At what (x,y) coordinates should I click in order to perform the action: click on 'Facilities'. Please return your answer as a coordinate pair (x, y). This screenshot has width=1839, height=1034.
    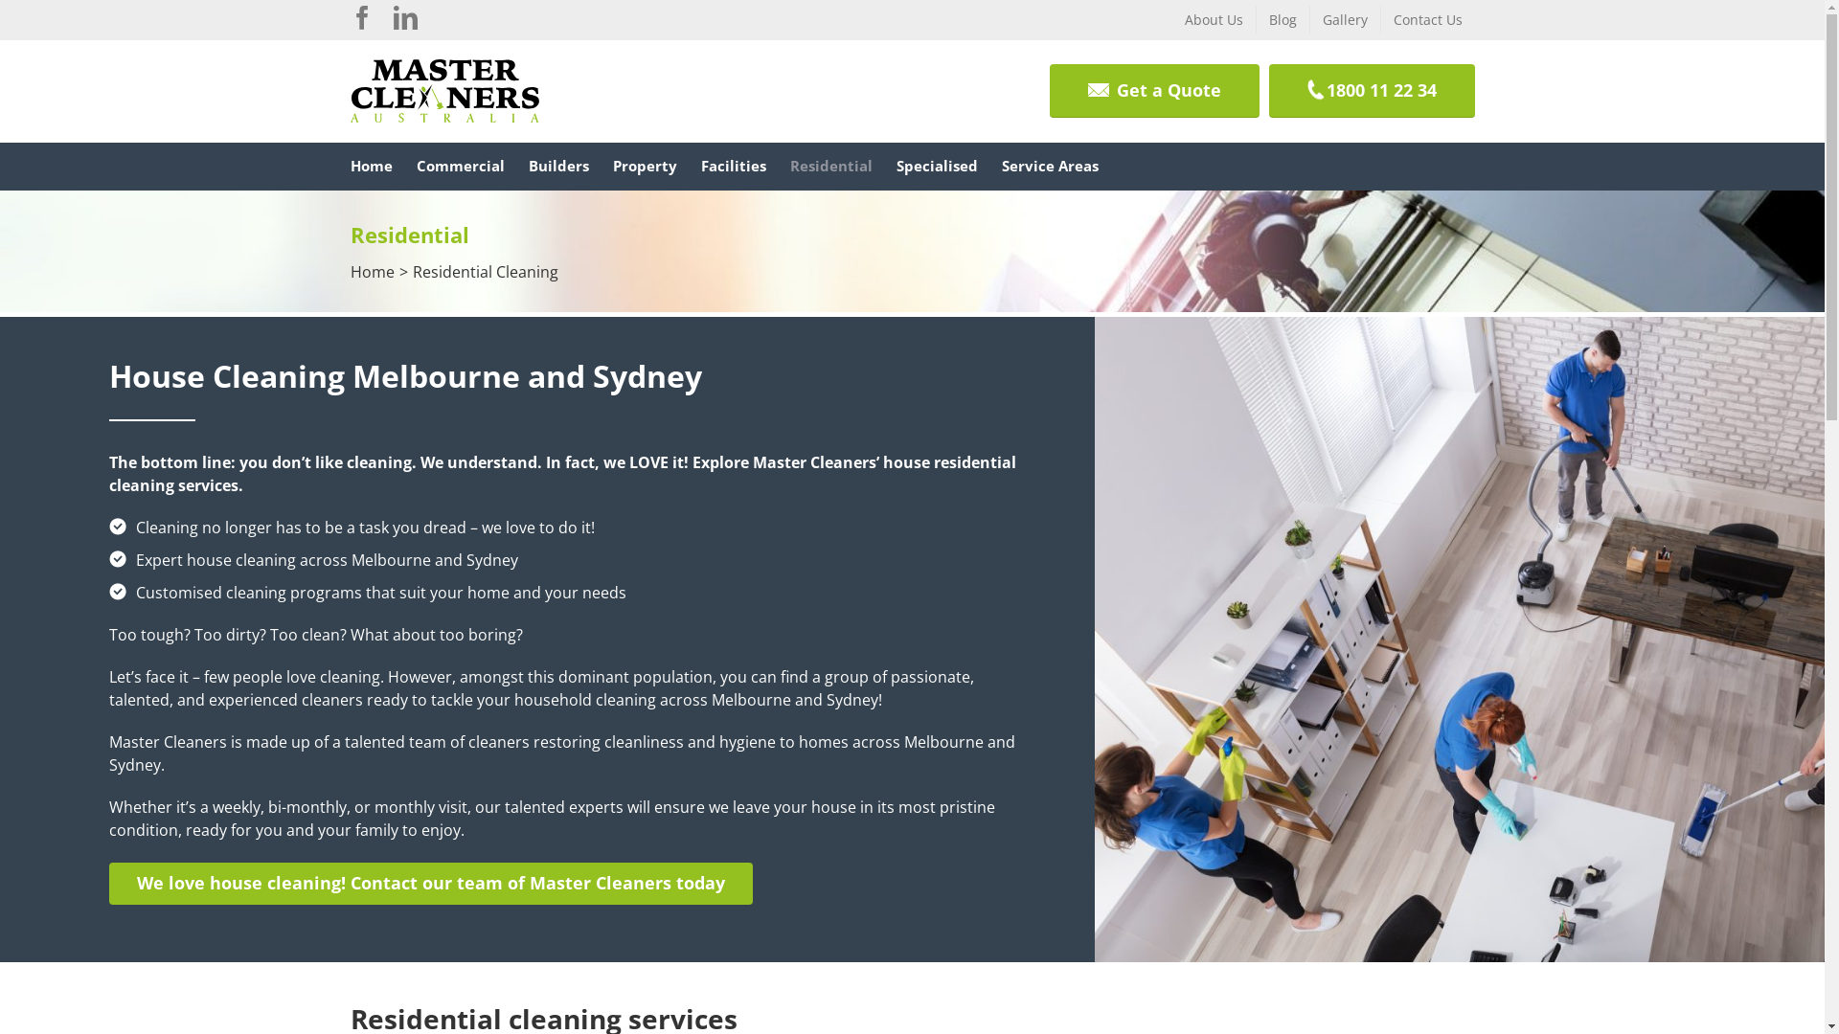
    Looking at the image, I should click on (733, 165).